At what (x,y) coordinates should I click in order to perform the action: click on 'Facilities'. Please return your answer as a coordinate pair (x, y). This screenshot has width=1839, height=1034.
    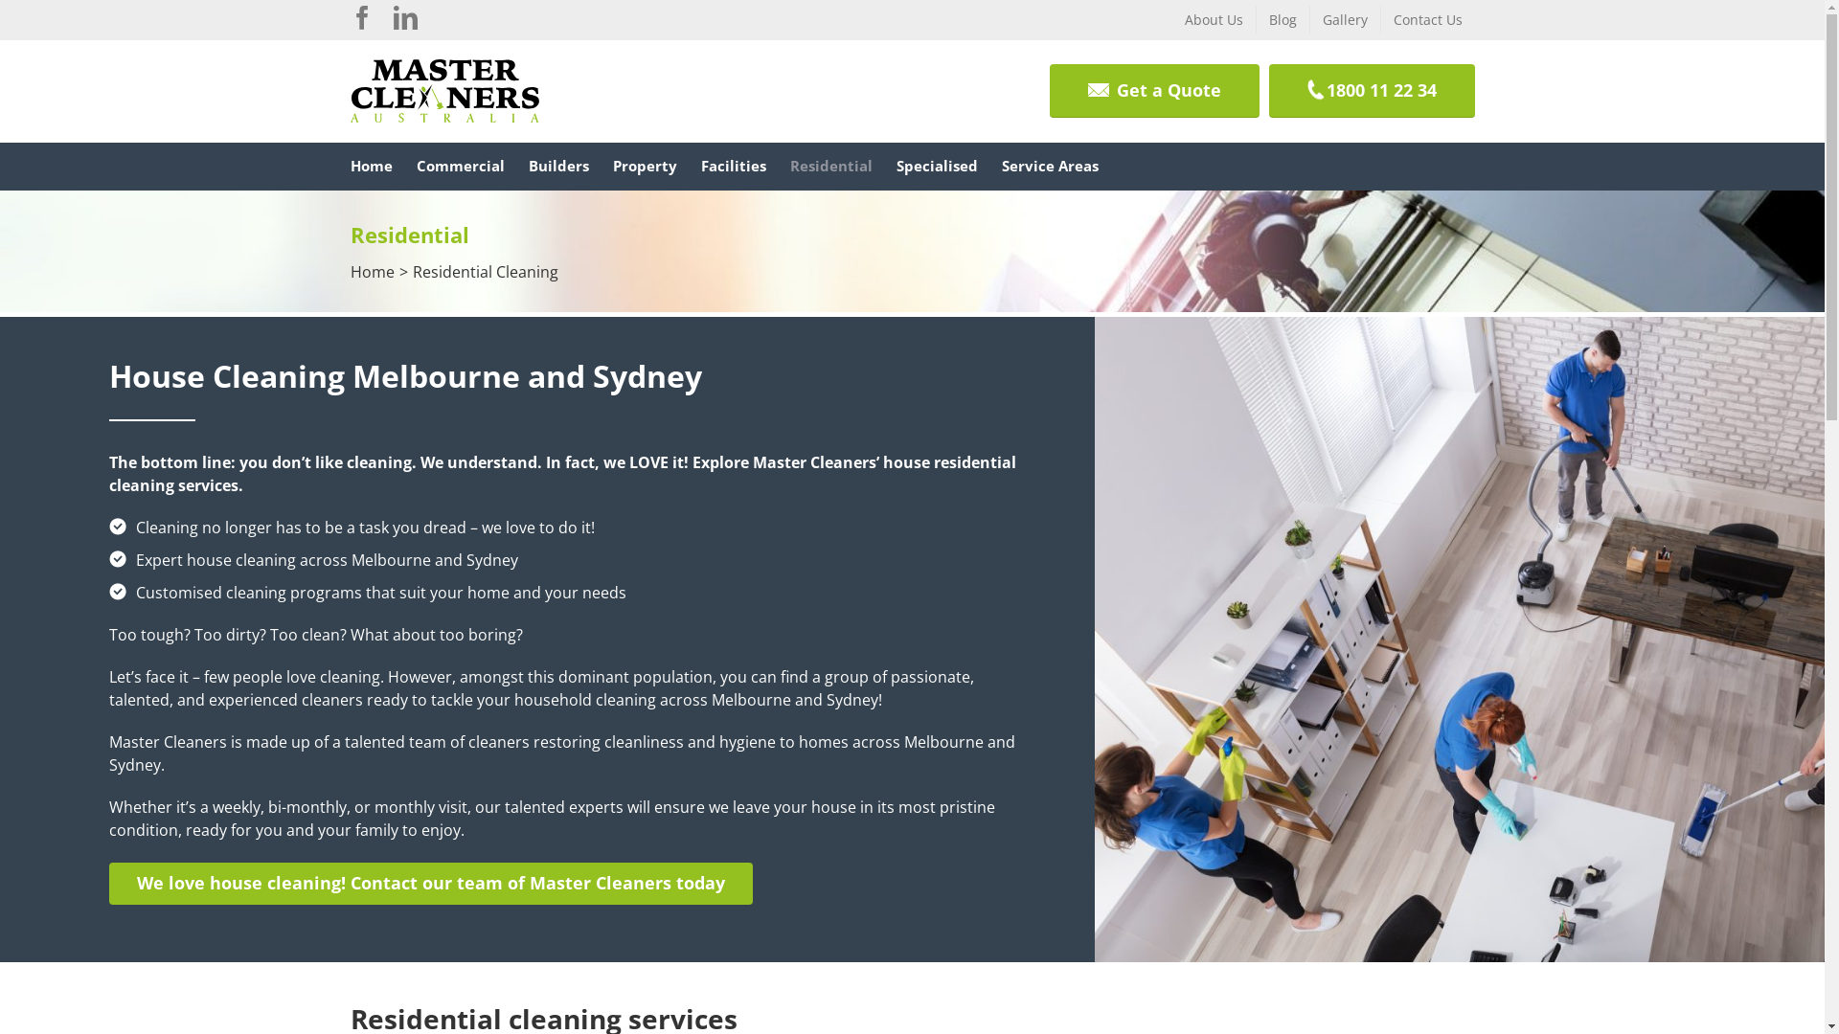
    Looking at the image, I should click on (733, 165).